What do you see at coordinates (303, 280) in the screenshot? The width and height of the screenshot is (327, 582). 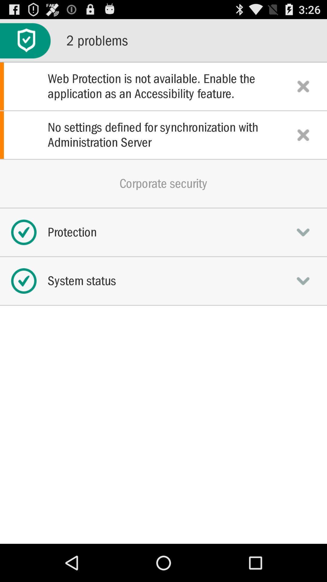 I see `expand menu` at bounding box center [303, 280].